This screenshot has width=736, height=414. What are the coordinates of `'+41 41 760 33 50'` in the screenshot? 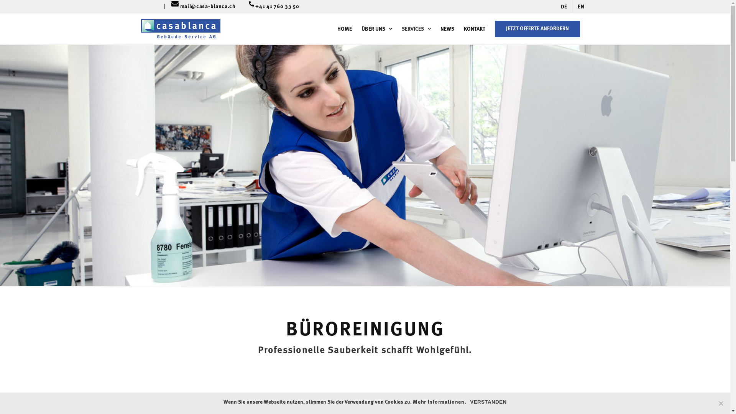 It's located at (277, 7).